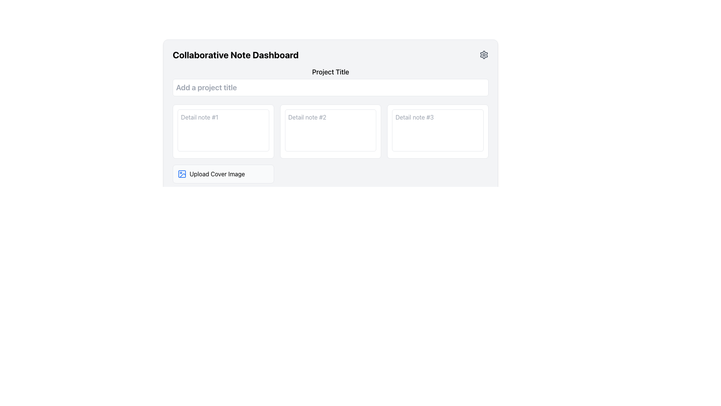 The width and height of the screenshot is (721, 406). I want to click on the 'Upload Cover Image' button with an embedded file input field, which features a blue image icon on a light gray background, so click(223, 174).